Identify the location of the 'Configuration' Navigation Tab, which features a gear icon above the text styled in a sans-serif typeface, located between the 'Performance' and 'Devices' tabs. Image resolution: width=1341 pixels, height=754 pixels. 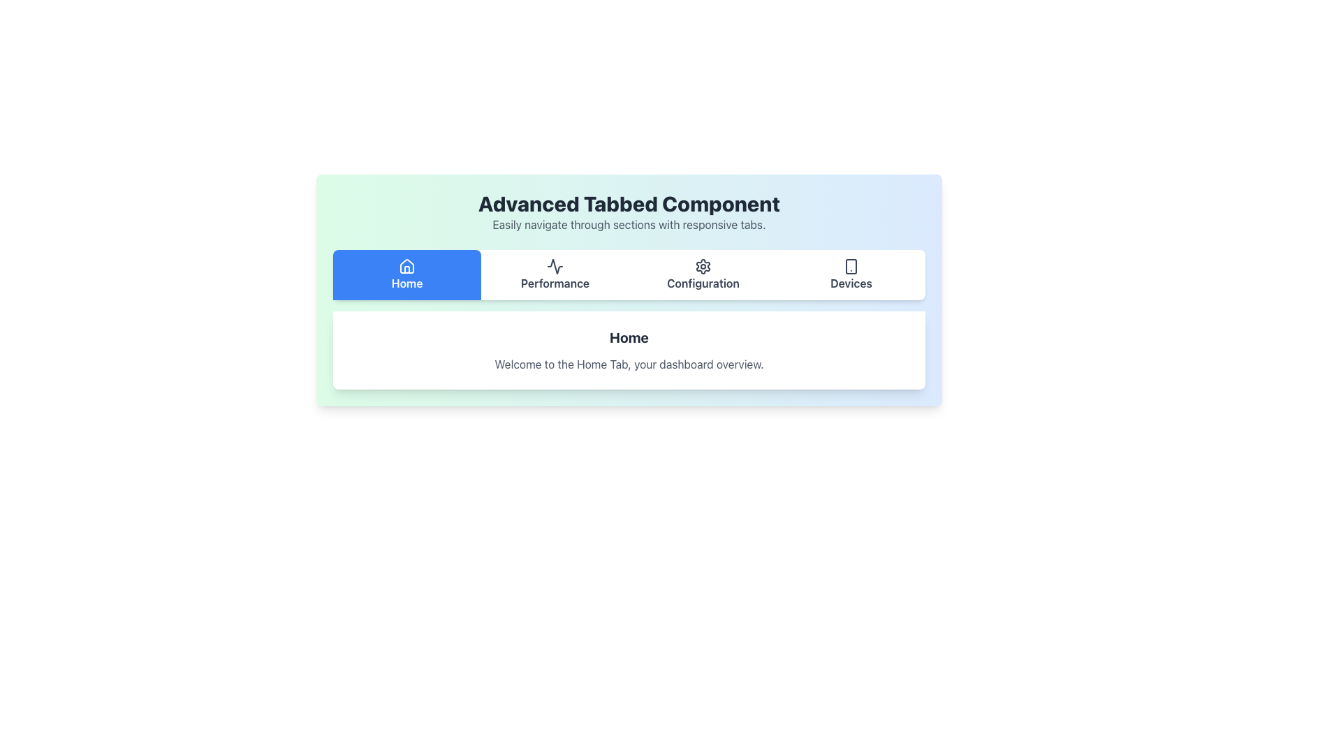
(703, 274).